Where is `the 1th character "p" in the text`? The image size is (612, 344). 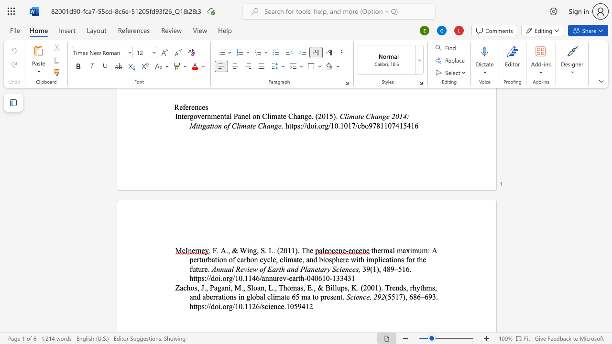
the 1th character "p" in the text is located at coordinates (322, 296).